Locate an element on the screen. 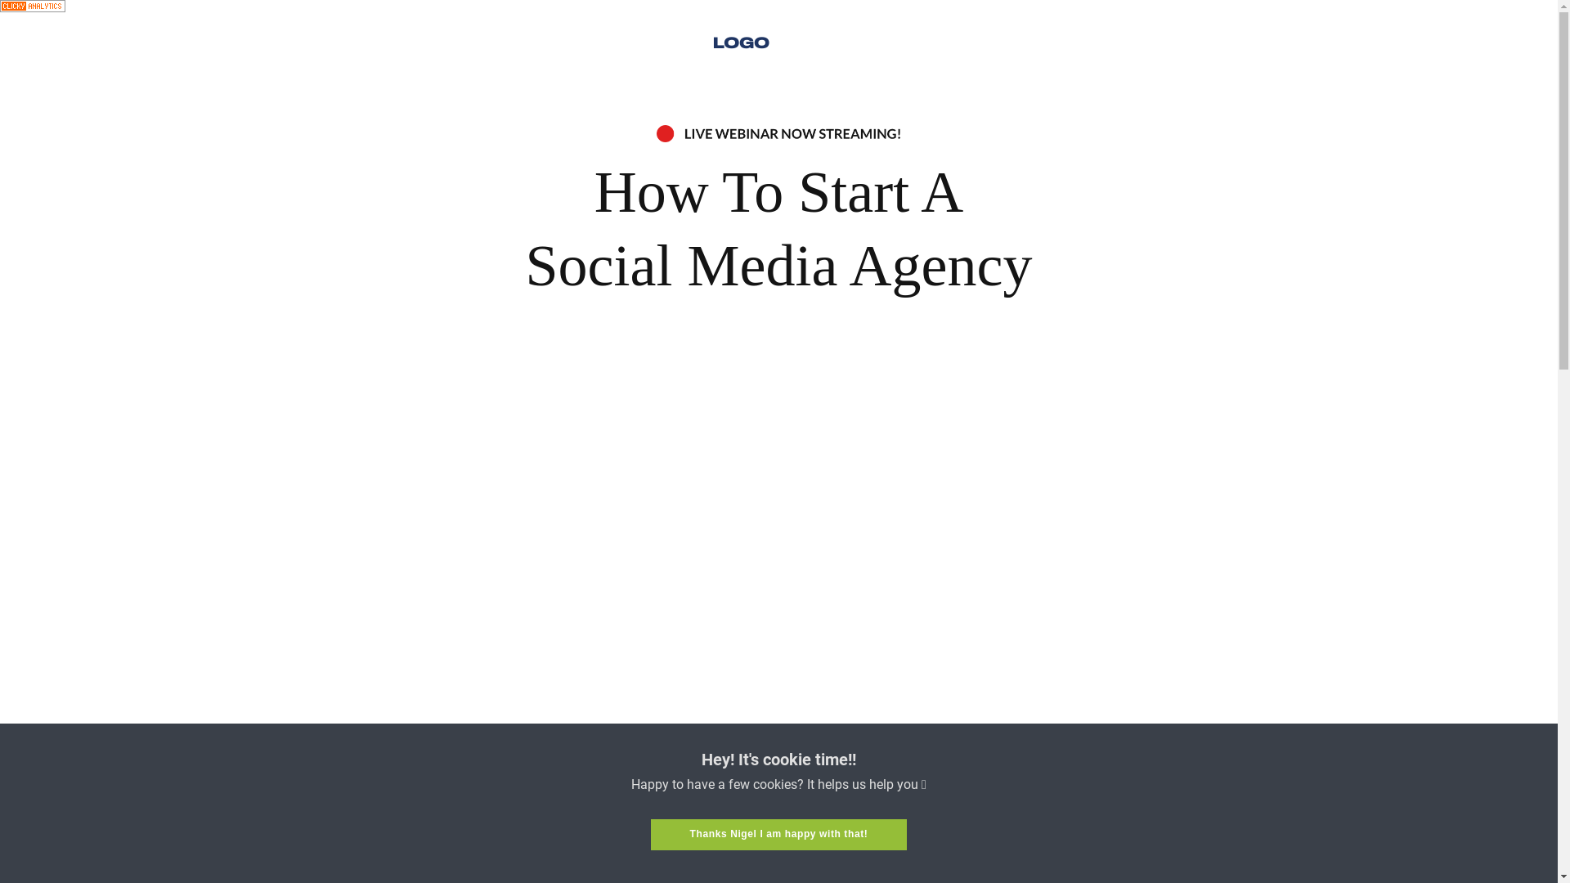 The width and height of the screenshot is (1570, 883). 'Get Started' is located at coordinates (668, 823).